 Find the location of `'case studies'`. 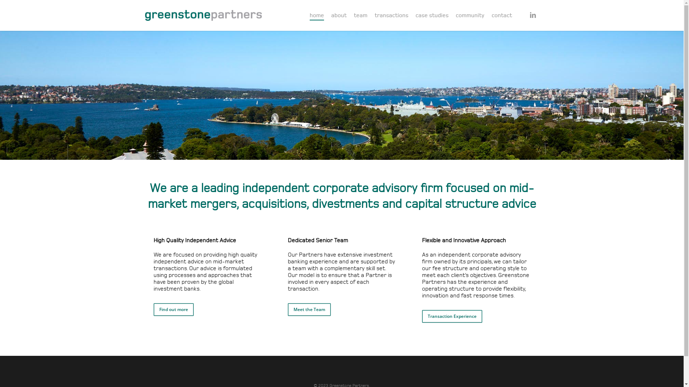

'case studies' is located at coordinates (415, 15).